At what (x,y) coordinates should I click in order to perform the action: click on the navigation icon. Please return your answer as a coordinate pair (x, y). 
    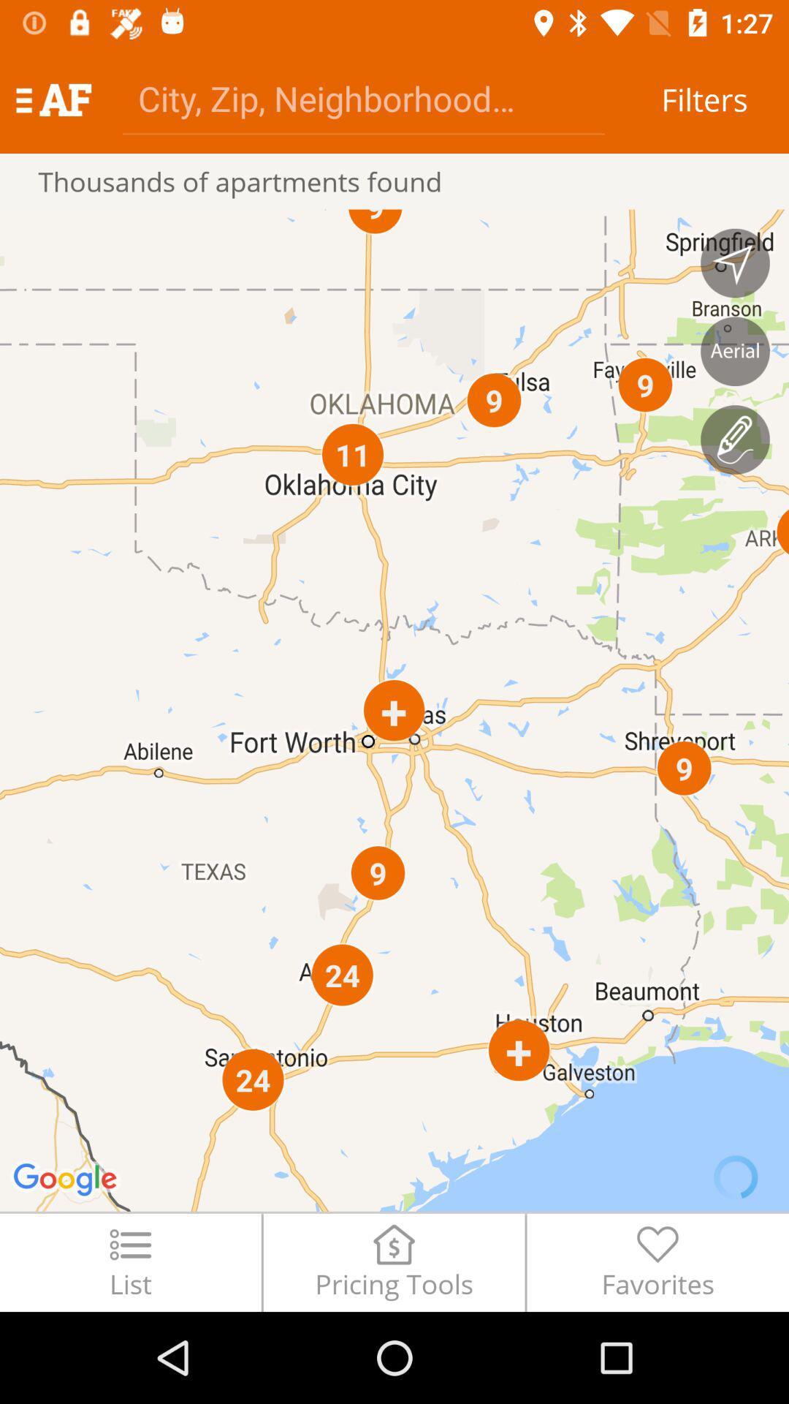
    Looking at the image, I should click on (735, 263).